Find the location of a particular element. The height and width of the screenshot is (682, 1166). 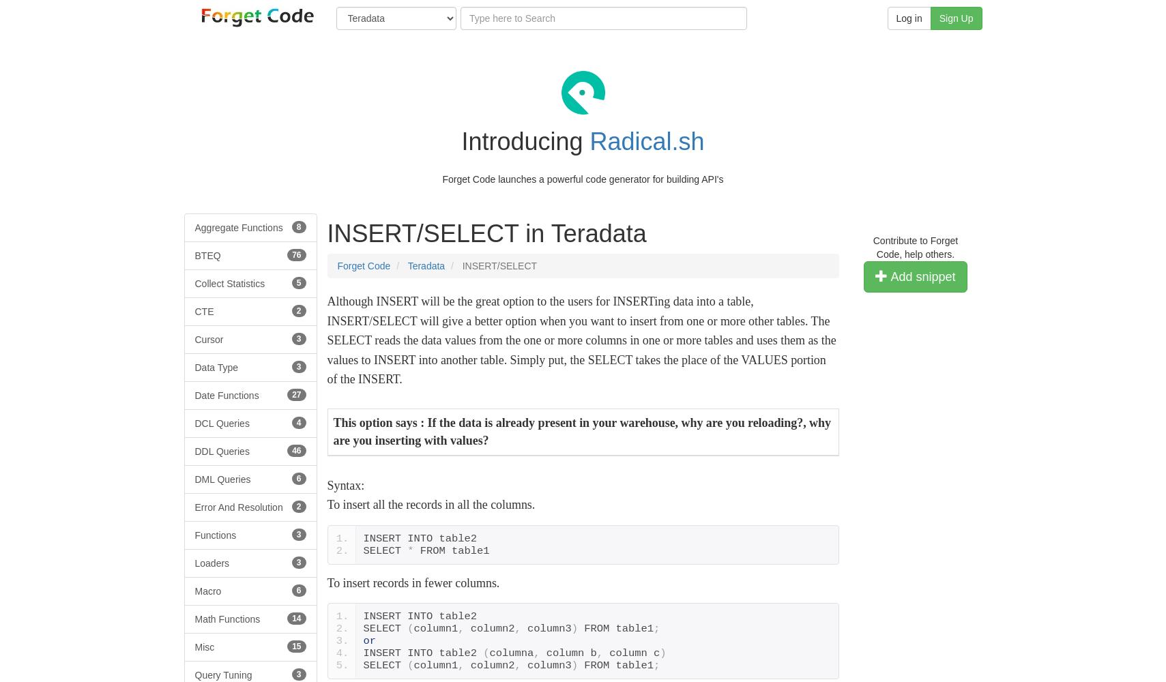

'4' is located at coordinates (297, 421).